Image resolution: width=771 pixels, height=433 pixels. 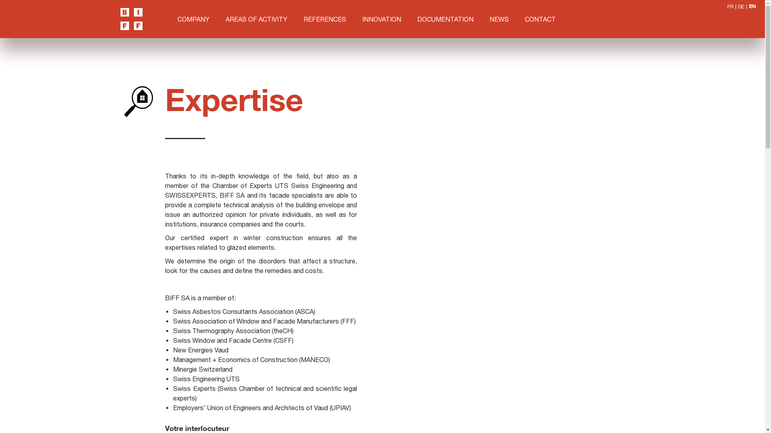 I want to click on 'DE', so click(x=738, y=6).